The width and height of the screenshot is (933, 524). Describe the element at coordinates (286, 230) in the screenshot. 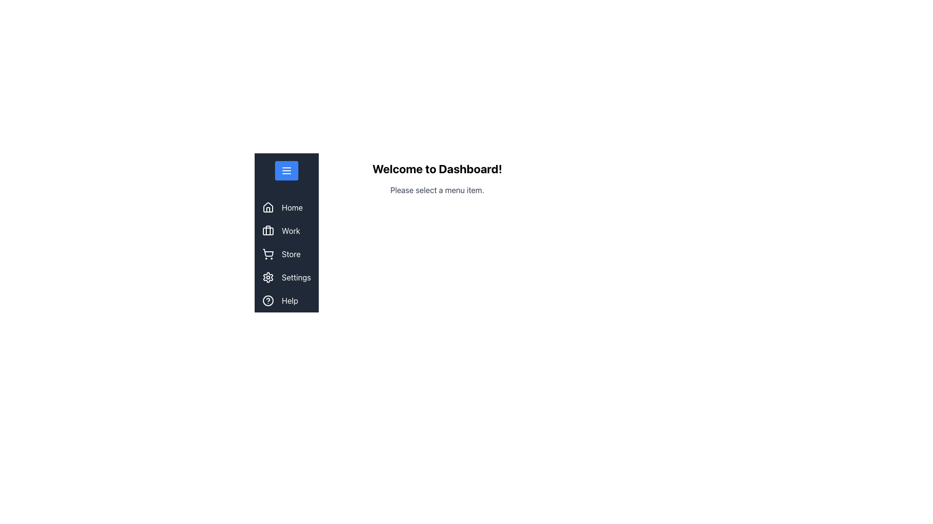

I see `the 'Work' button, which is the second item in the vertical navigation menu` at that location.